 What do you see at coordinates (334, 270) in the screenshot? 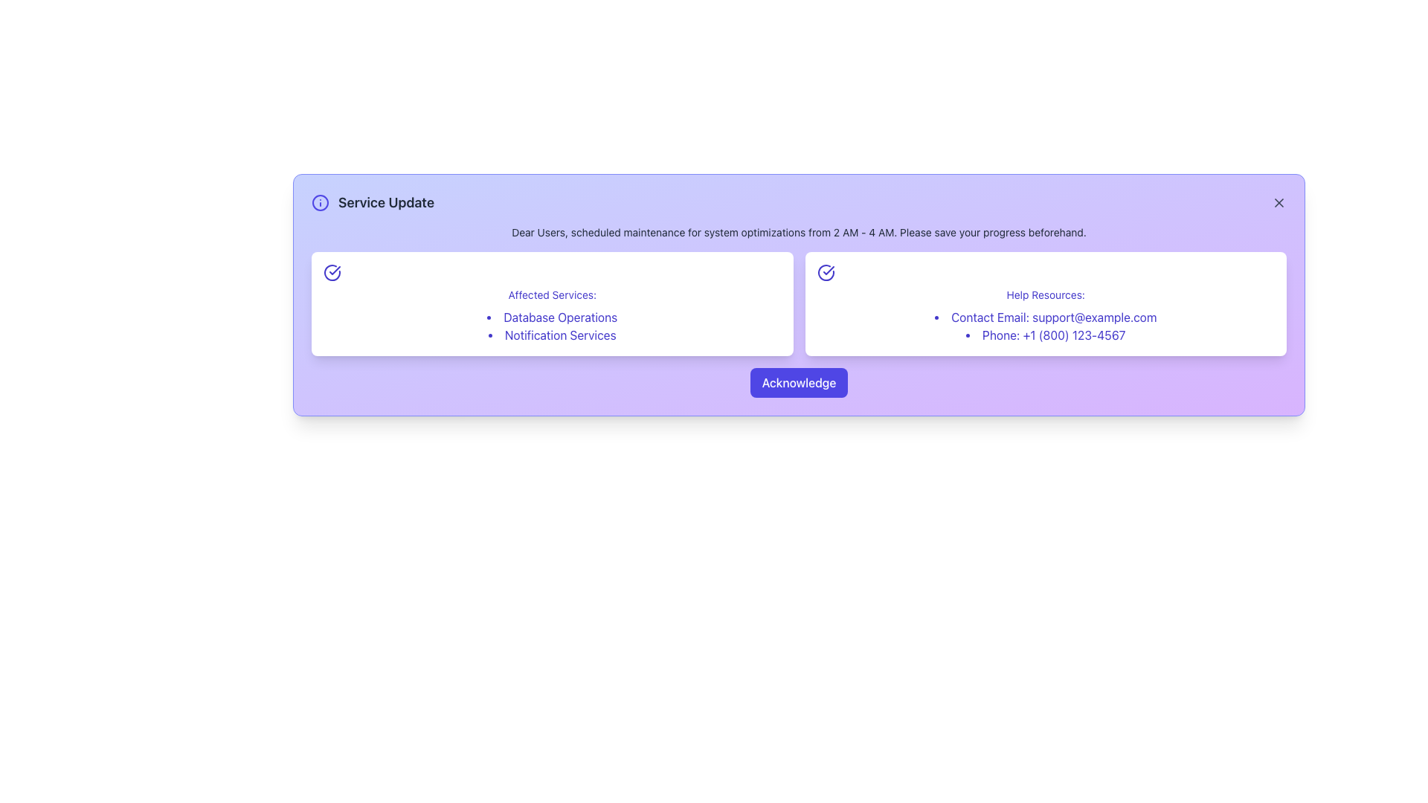
I see `the status confirmation icon located in the left highlighted box of the dialog, which is represented as an SVG element near the top-left corner` at bounding box center [334, 270].